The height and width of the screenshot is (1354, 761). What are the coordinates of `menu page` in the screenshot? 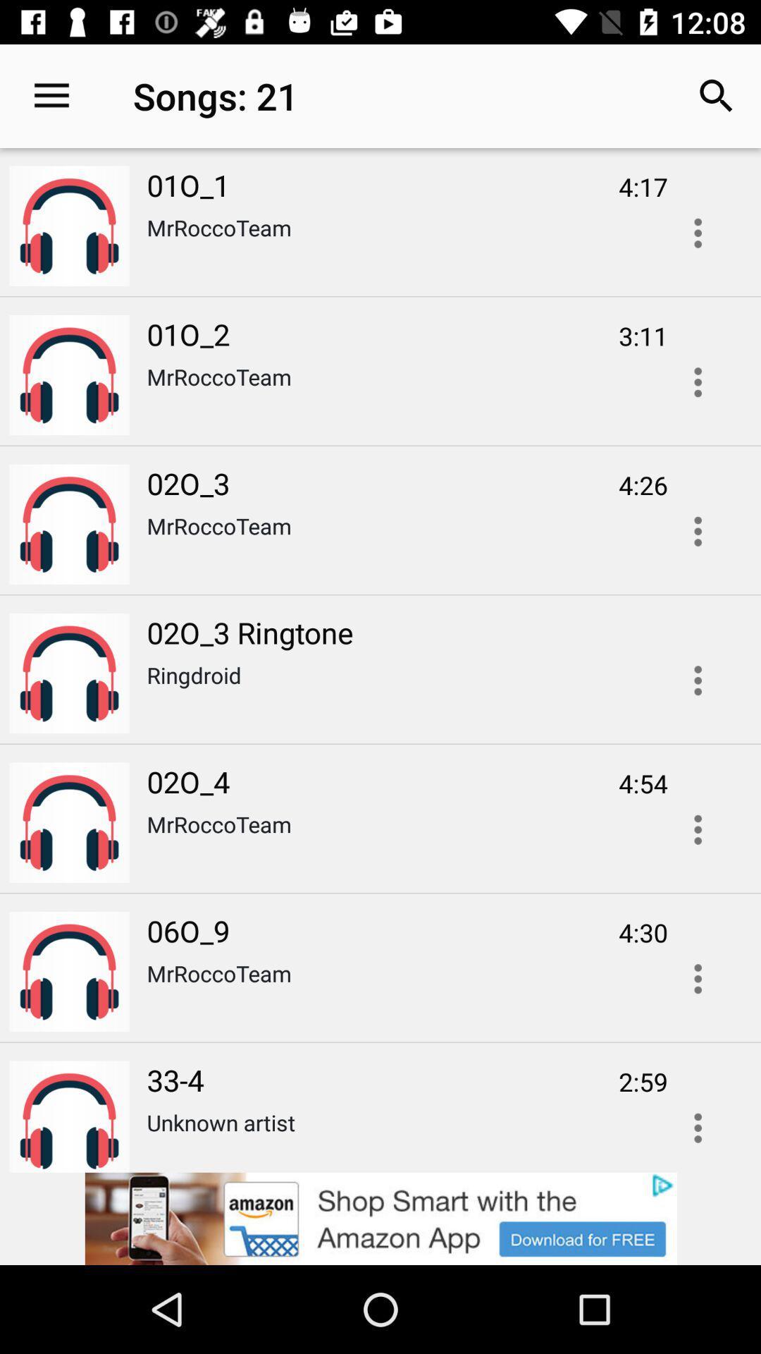 It's located at (698, 382).